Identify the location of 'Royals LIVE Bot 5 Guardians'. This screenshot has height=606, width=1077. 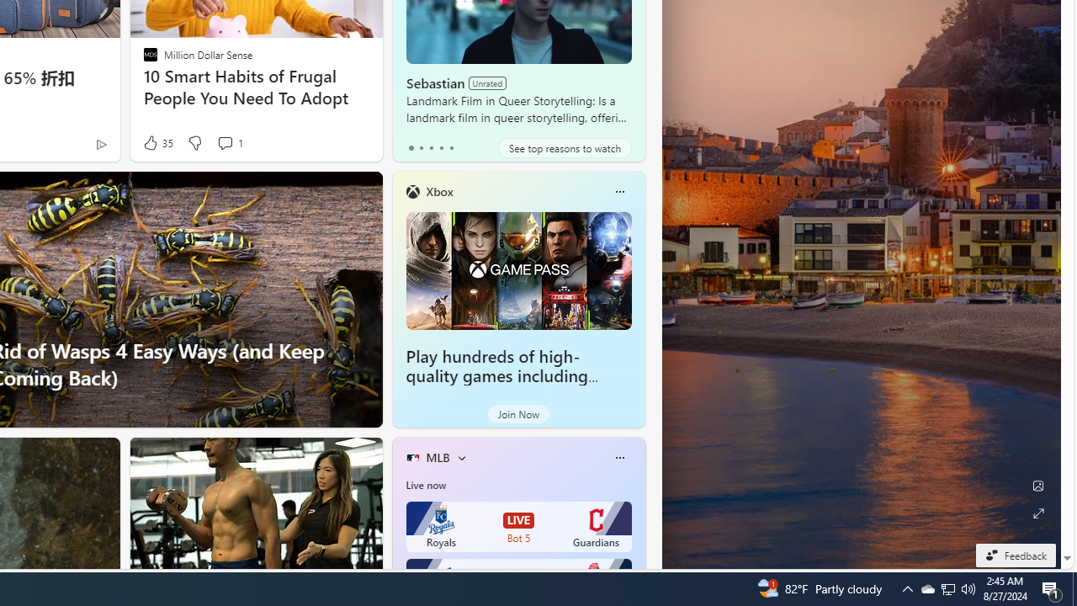
(517, 526).